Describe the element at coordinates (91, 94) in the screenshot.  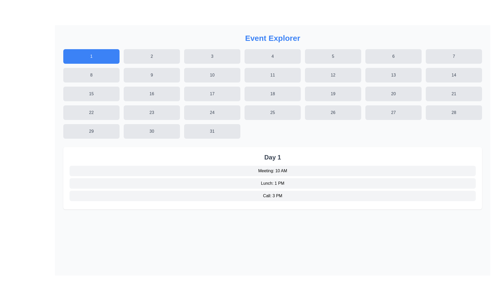
I see `the button displaying the number '15', which is a rounded rectangular shape filled with light gray color, located in the third row and first column of a 7-column grid layout` at that location.